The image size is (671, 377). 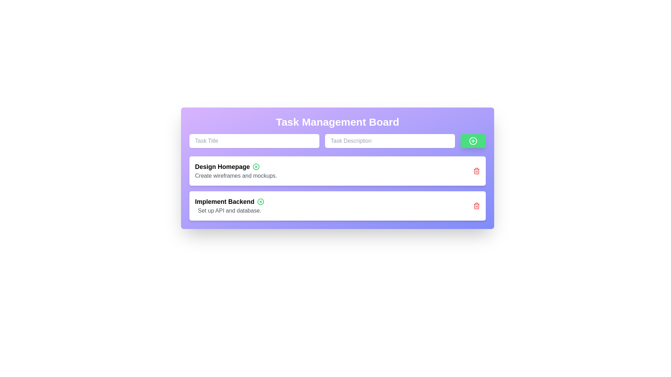 I want to click on the Task Display Block that serves as a task entry, displaying both the title and description of a to-do item, located centrally in the 'Task Management Board' section, below 'Design Homepage', so click(x=230, y=206).